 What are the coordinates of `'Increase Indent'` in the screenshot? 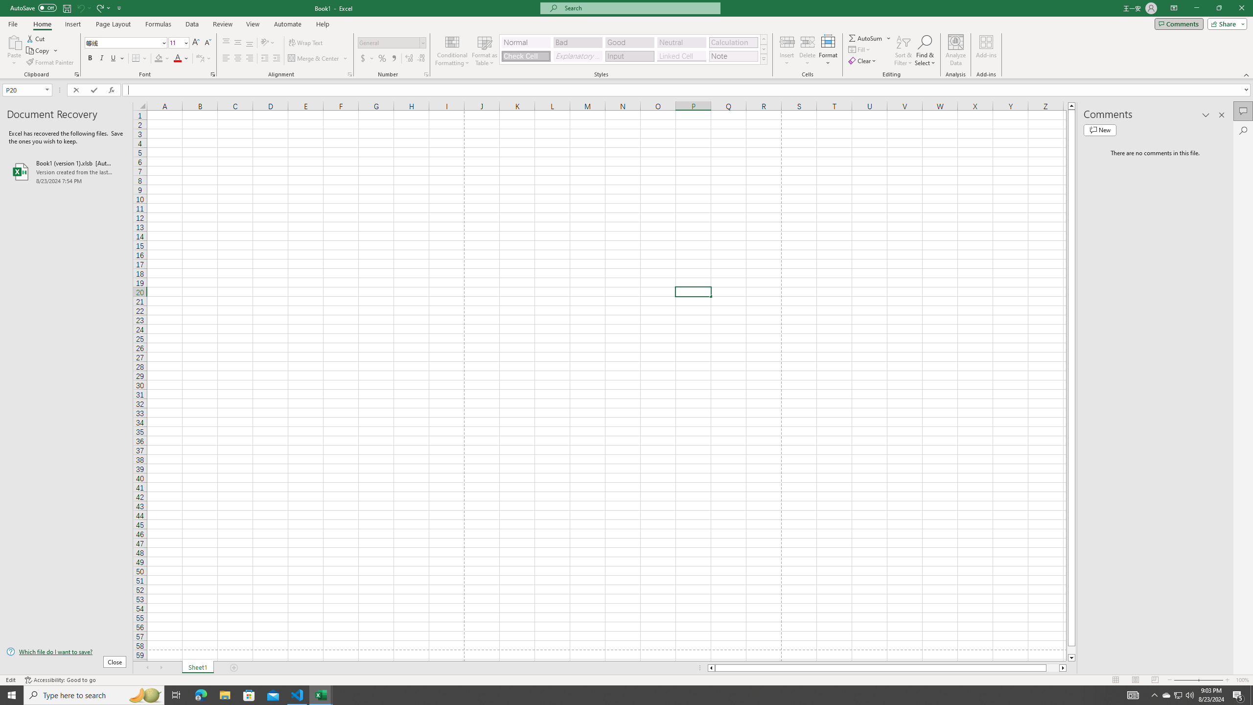 It's located at (276, 58).